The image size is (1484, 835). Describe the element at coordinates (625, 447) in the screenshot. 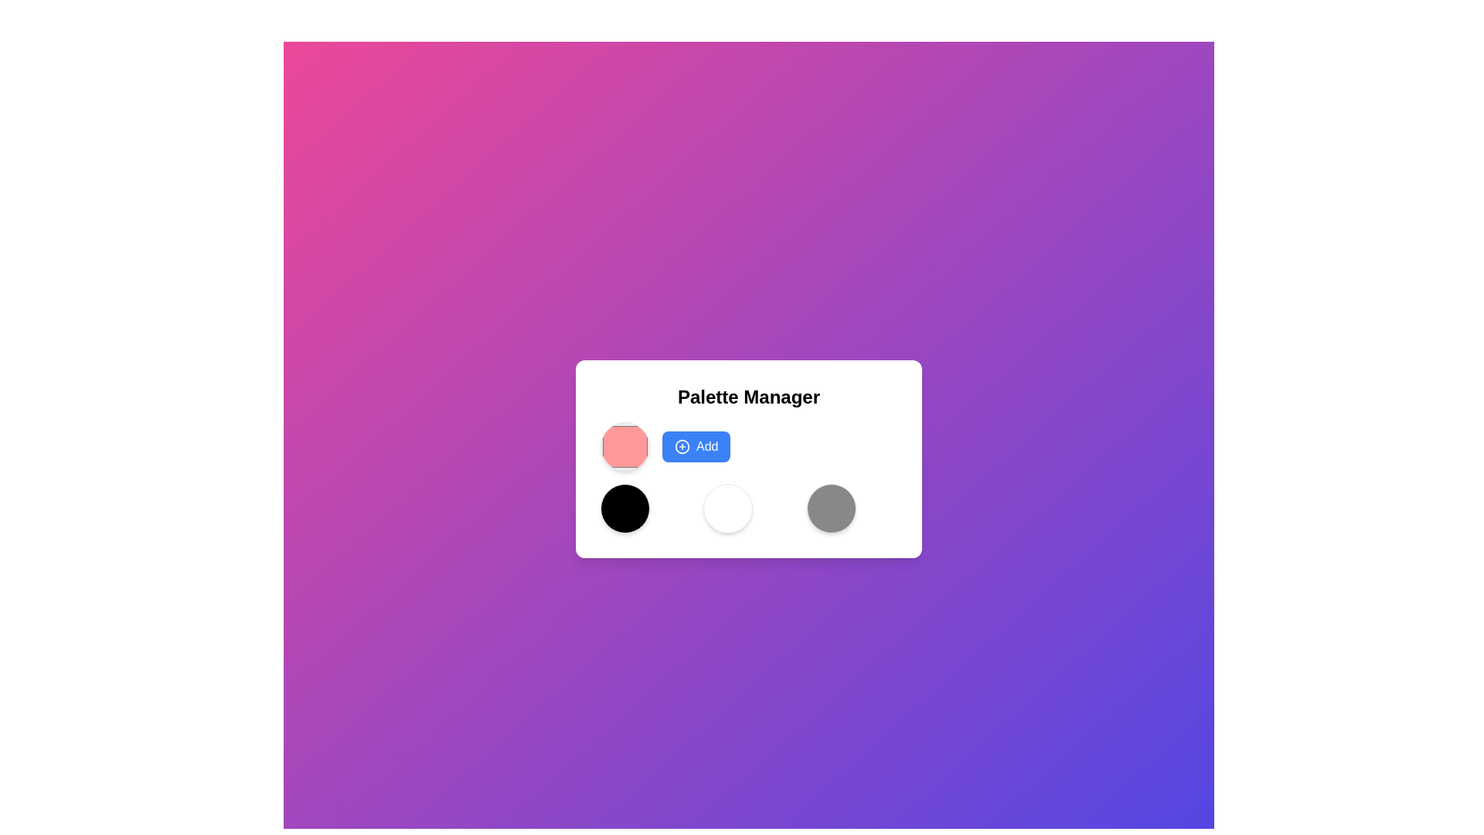

I see `the circular soft pink button with a thin gray border located at the far left of the horizontal grouping inside the 'Palette Manager' card` at that location.